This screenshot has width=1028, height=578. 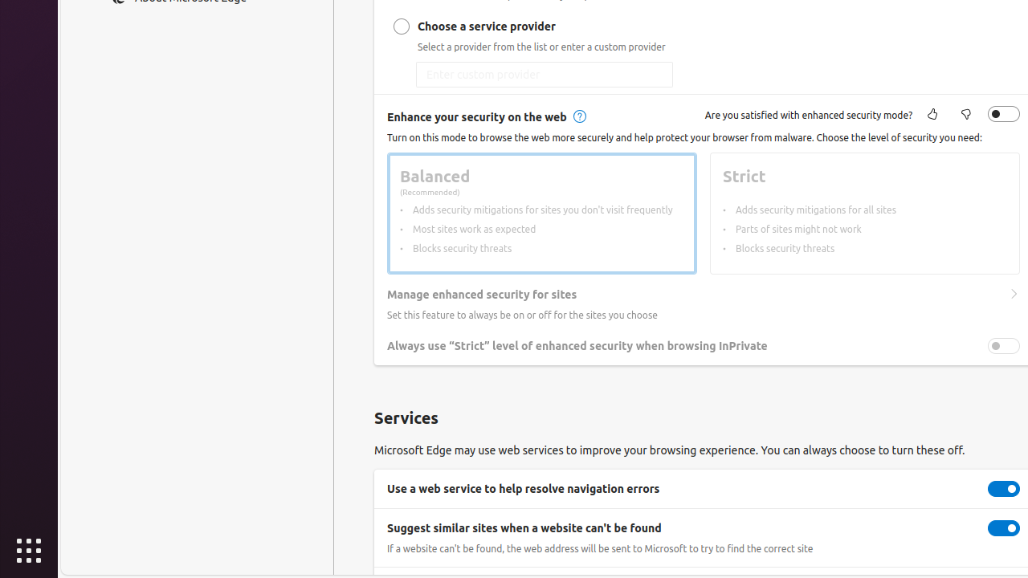 What do you see at coordinates (28, 550) in the screenshot?
I see `'Show Applications'` at bounding box center [28, 550].